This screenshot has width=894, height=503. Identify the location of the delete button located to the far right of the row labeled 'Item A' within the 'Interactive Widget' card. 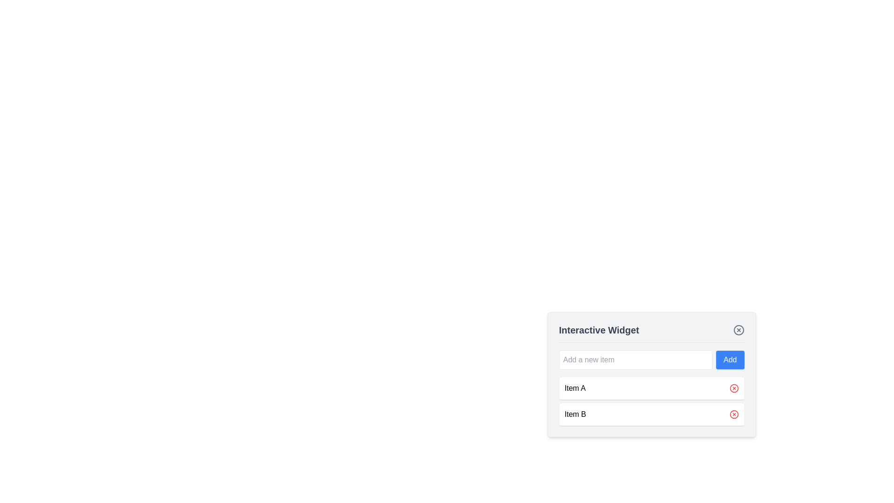
(733, 388).